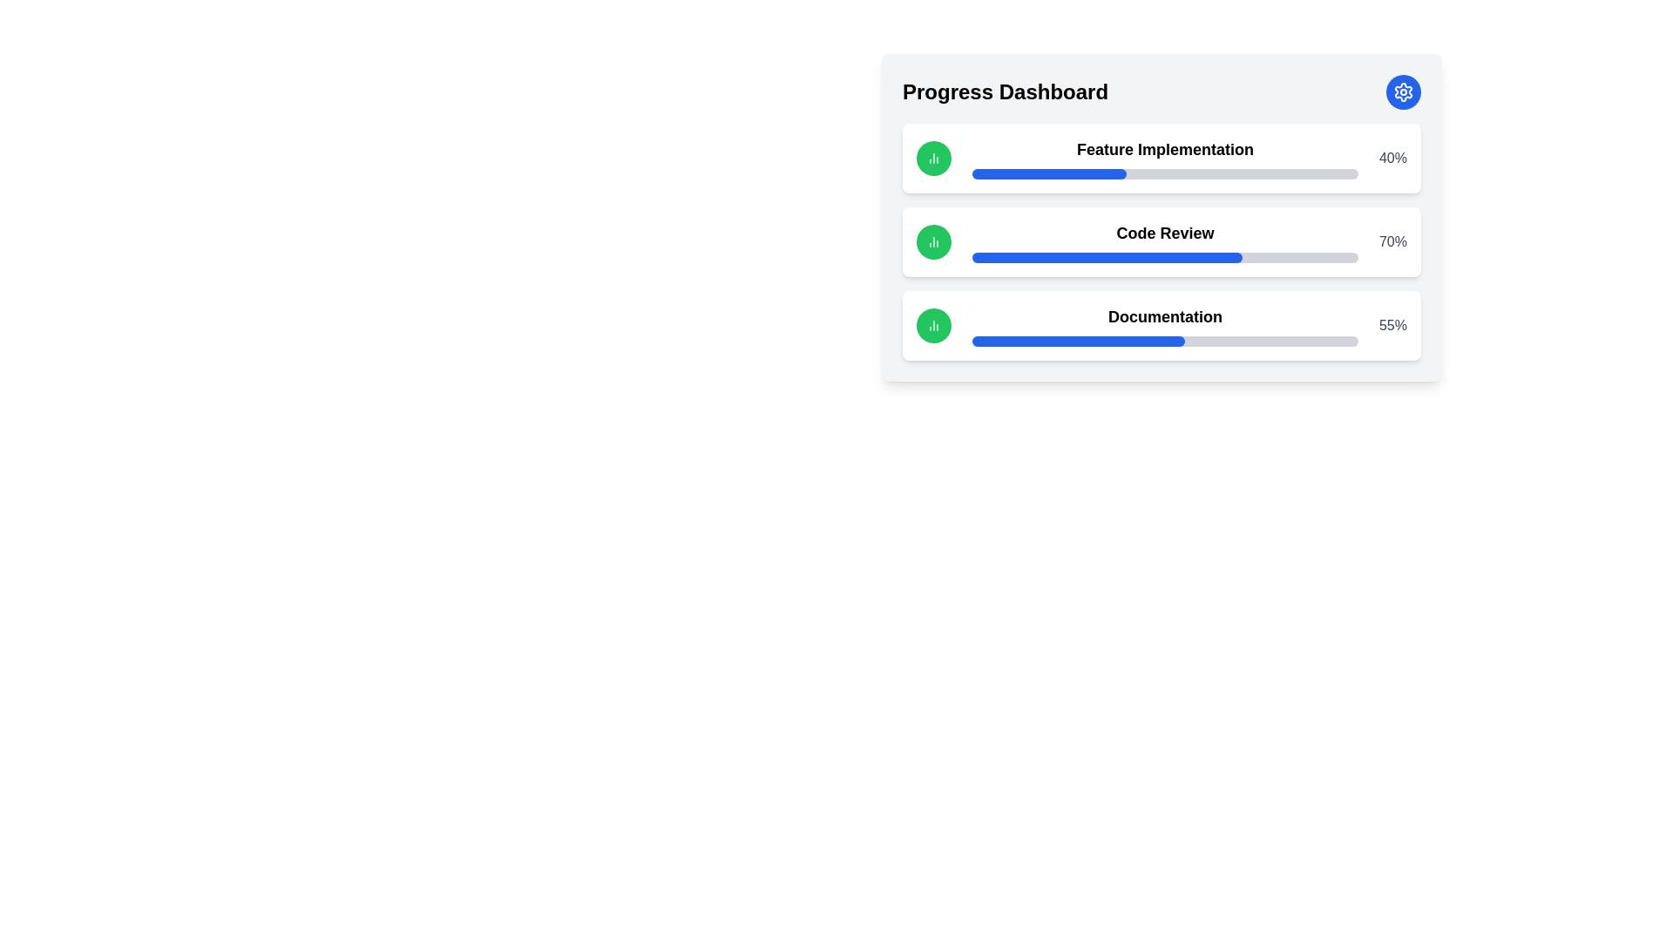 The width and height of the screenshot is (1673, 941). What do you see at coordinates (1404, 91) in the screenshot?
I see `the rounded blue icon button located at the top-right corner of the 'Progress Dashboard'` at bounding box center [1404, 91].